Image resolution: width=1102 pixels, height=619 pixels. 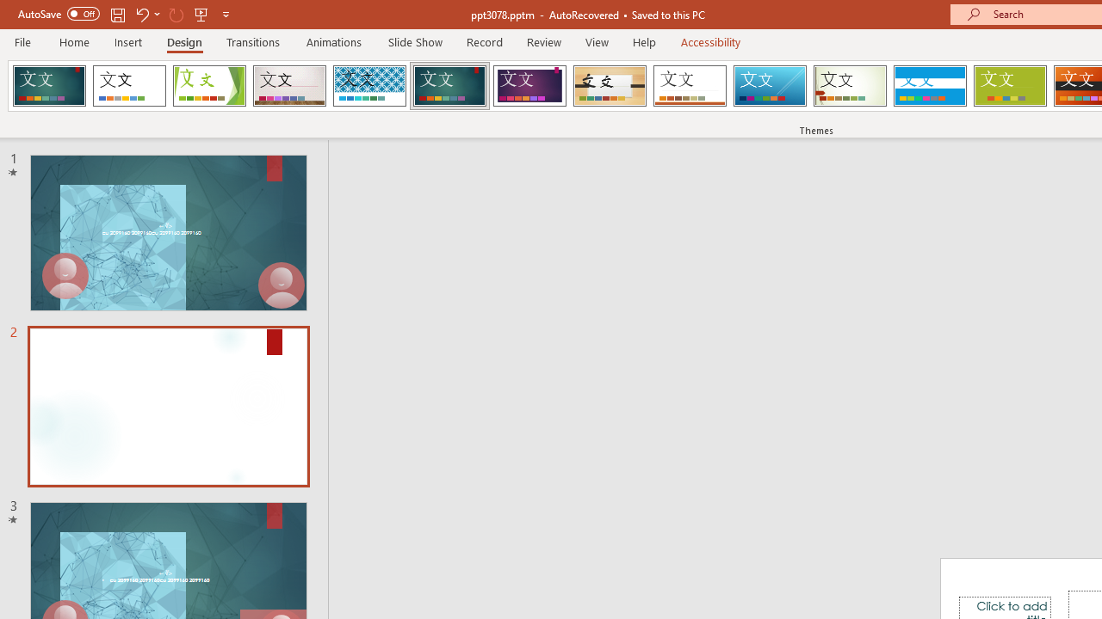 What do you see at coordinates (929, 86) in the screenshot?
I see `'Banded'` at bounding box center [929, 86].